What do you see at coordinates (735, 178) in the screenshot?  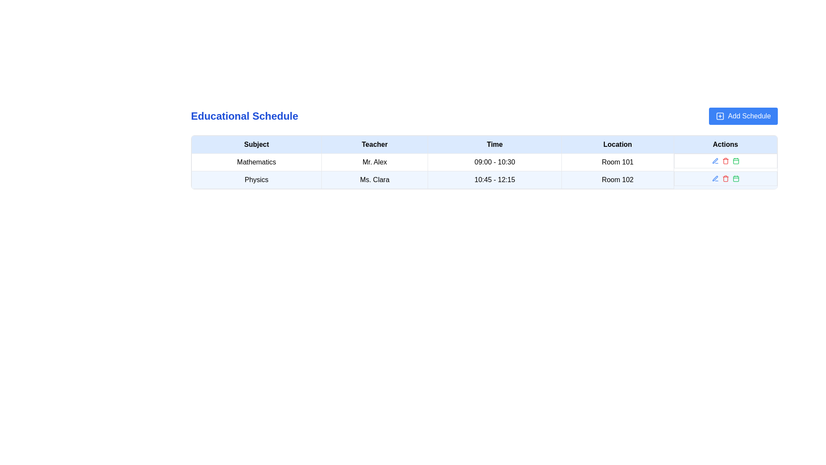 I see `the green calendar icon located in the 'Actions' column of the last row for 'Physics' in the schedule table` at bounding box center [735, 178].